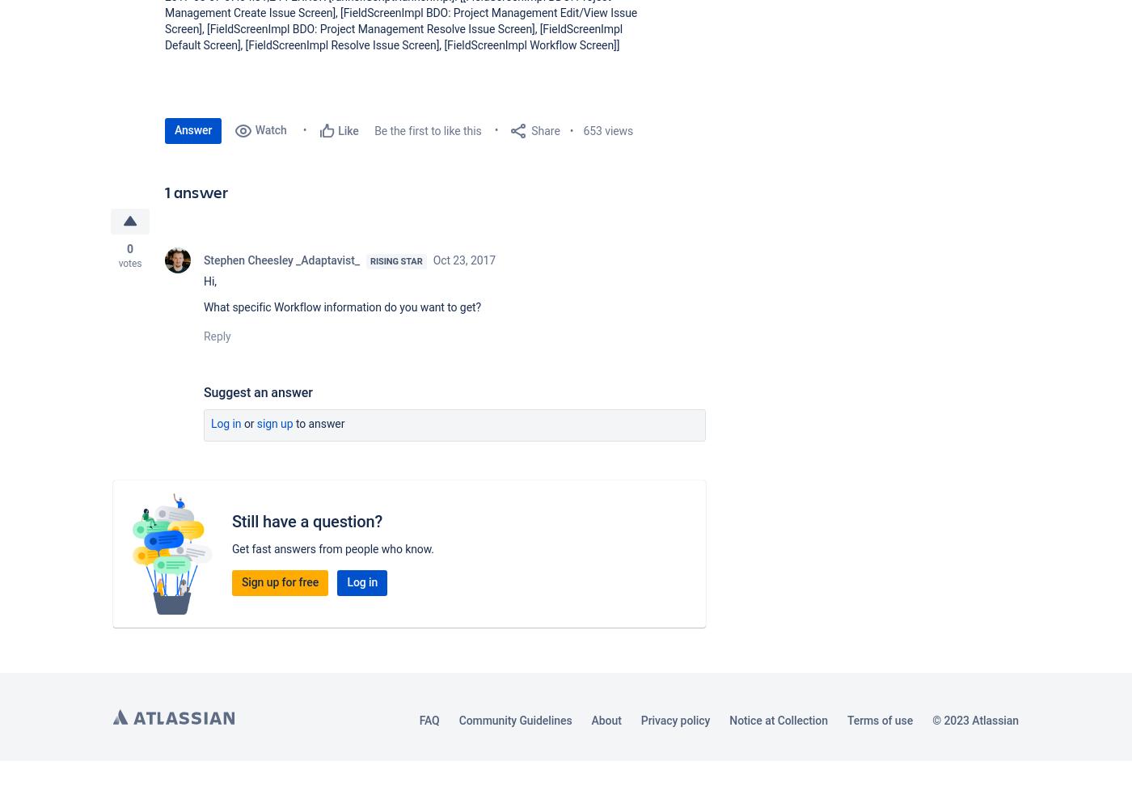  What do you see at coordinates (778, 719) in the screenshot?
I see `'Notice at Collection'` at bounding box center [778, 719].